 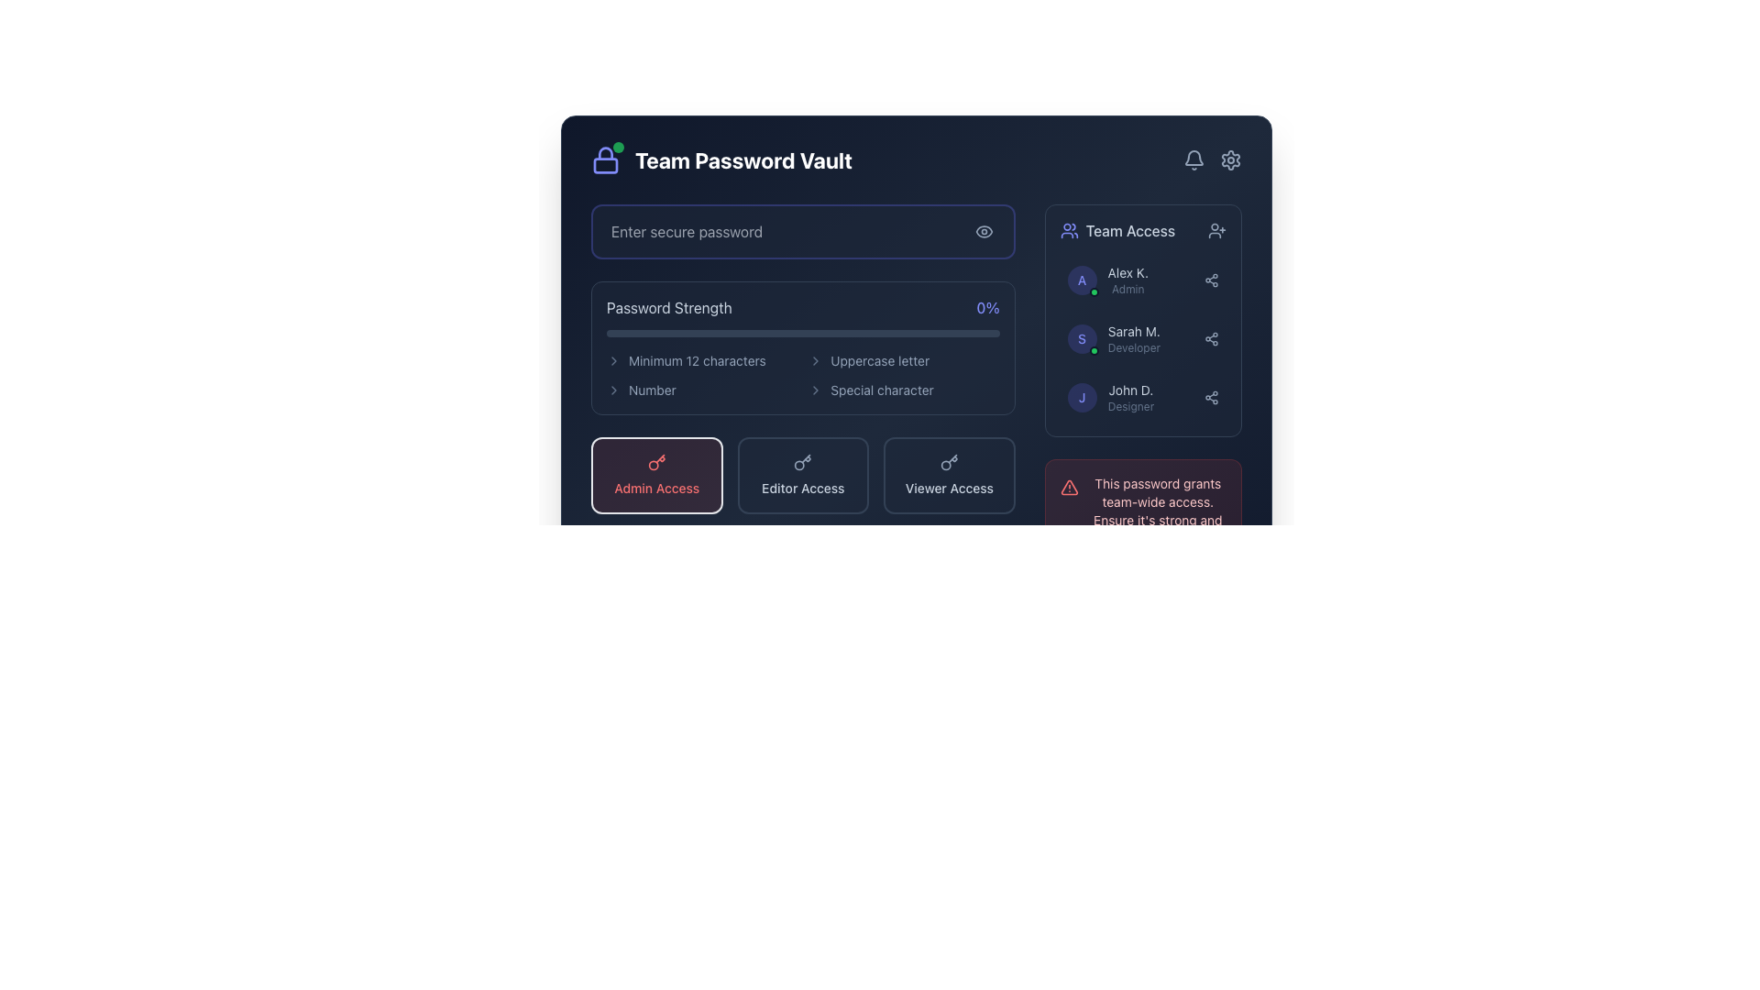 What do you see at coordinates (1127, 280) in the screenshot?
I see `the text element displaying 'Alex K.' and 'Admin' in the 'Team Access' panel, which is positioned at the top of the user roles list` at bounding box center [1127, 280].